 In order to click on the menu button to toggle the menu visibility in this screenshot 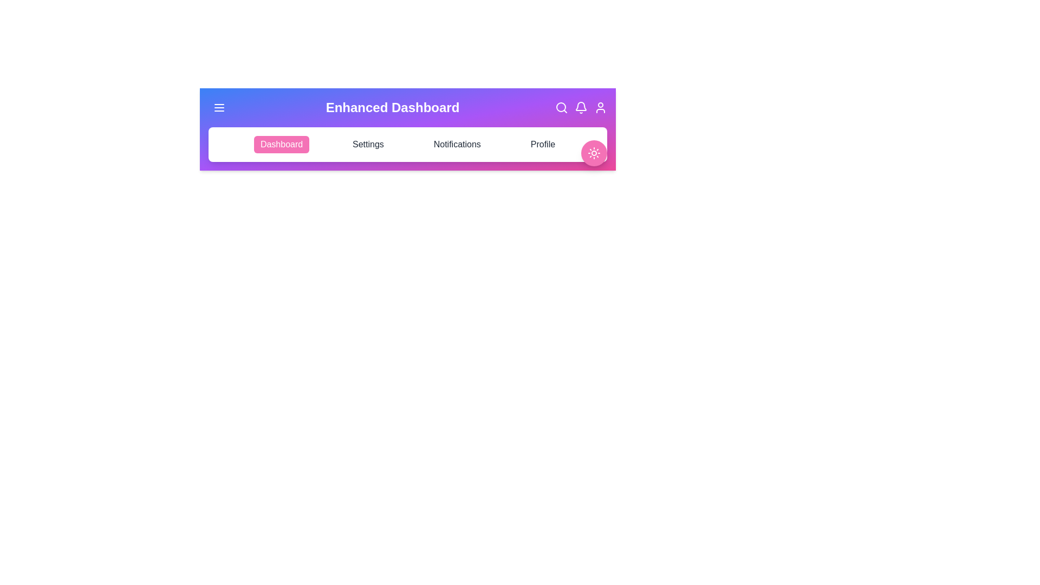, I will do `click(218, 108)`.